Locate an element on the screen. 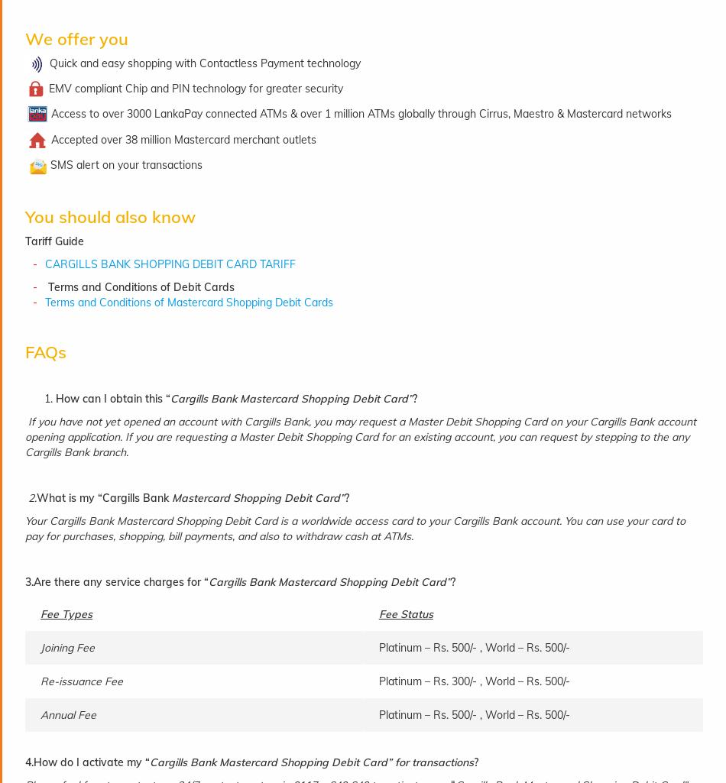 The width and height of the screenshot is (726, 783). 'EMV compliant Chip and PIN technology for greater security' is located at coordinates (195, 88).